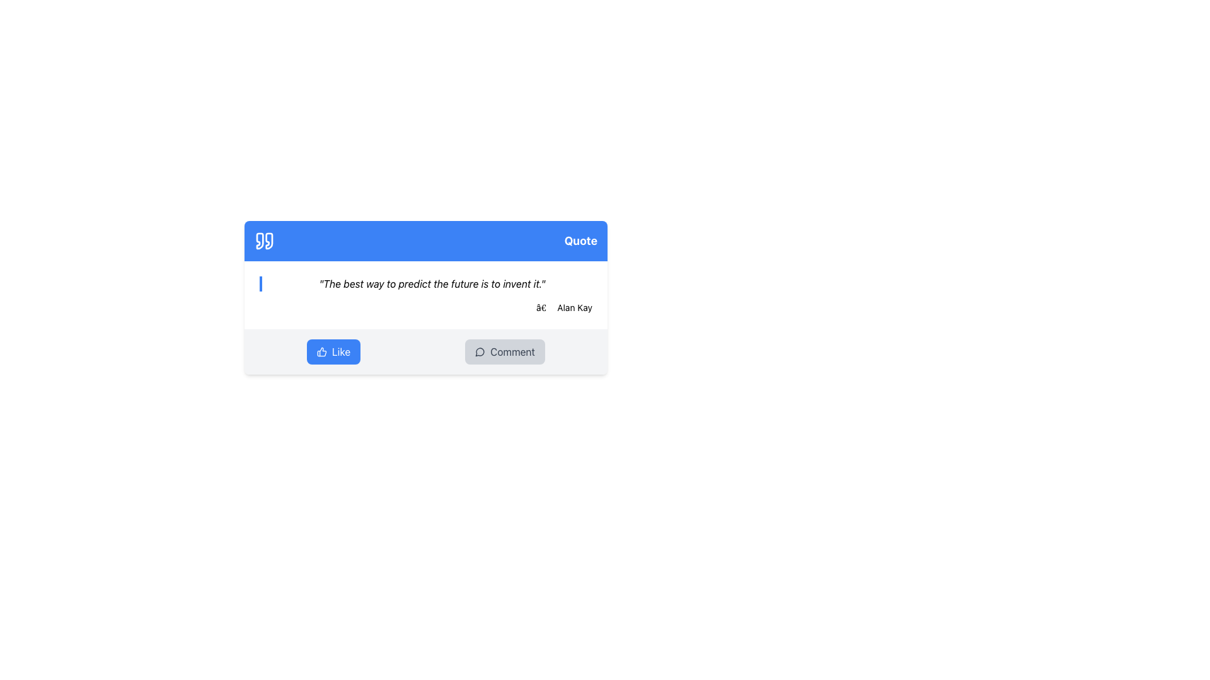  What do you see at coordinates (512, 352) in the screenshot?
I see `the text label displaying 'Comment' inside the gray button with rounded corners and a speech bubble icon, located in the lower right part of the interface` at bounding box center [512, 352].